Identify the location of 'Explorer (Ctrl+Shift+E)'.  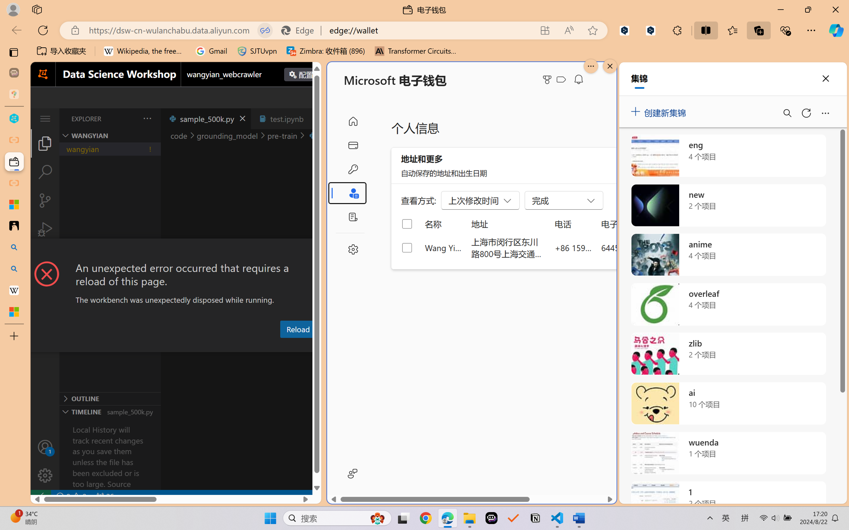
(45, 143).